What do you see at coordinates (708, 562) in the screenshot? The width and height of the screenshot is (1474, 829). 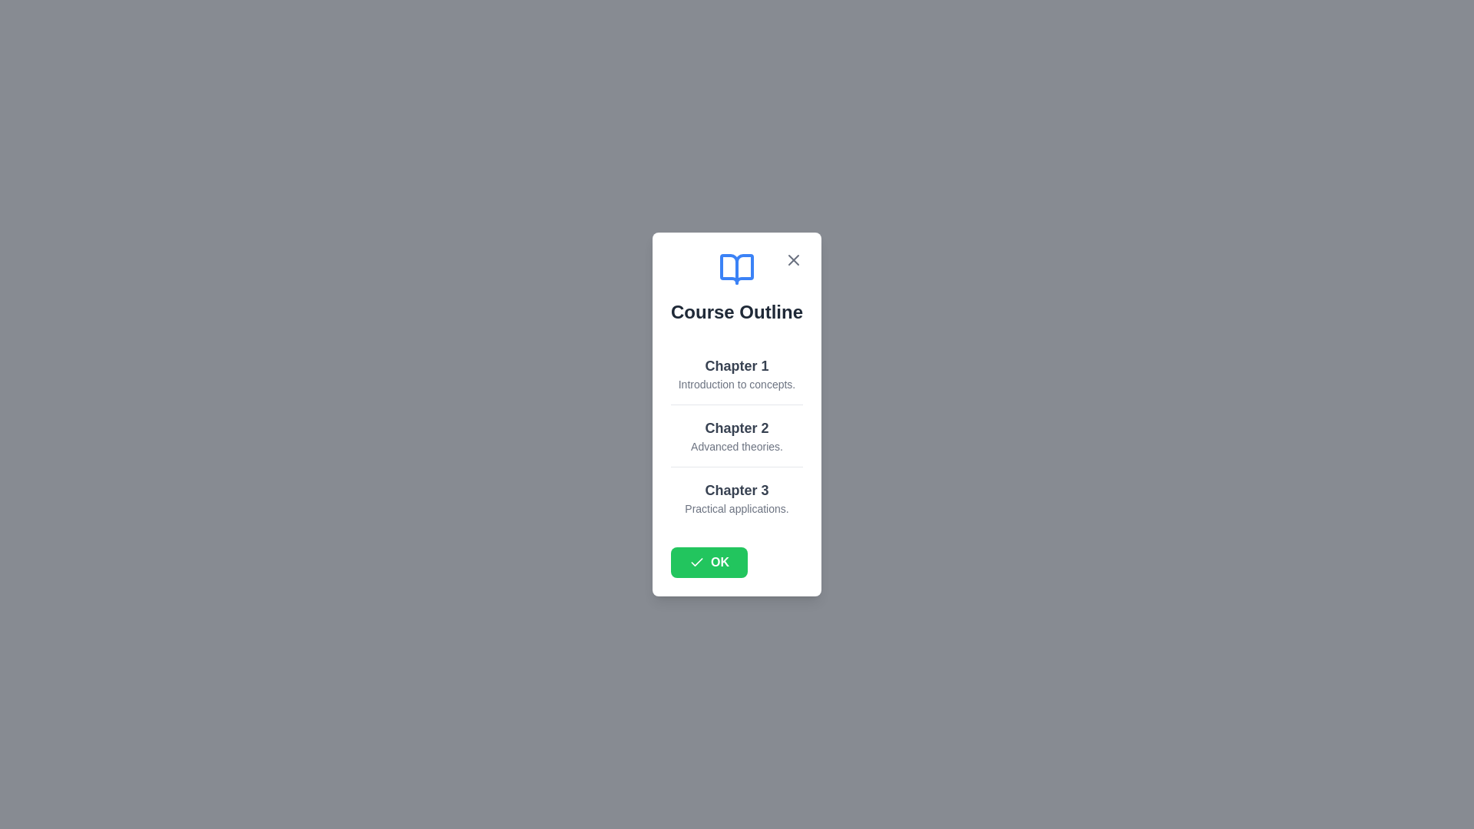 I see `the 'OK' button to close the dialog` at bounding box center [708, 562].